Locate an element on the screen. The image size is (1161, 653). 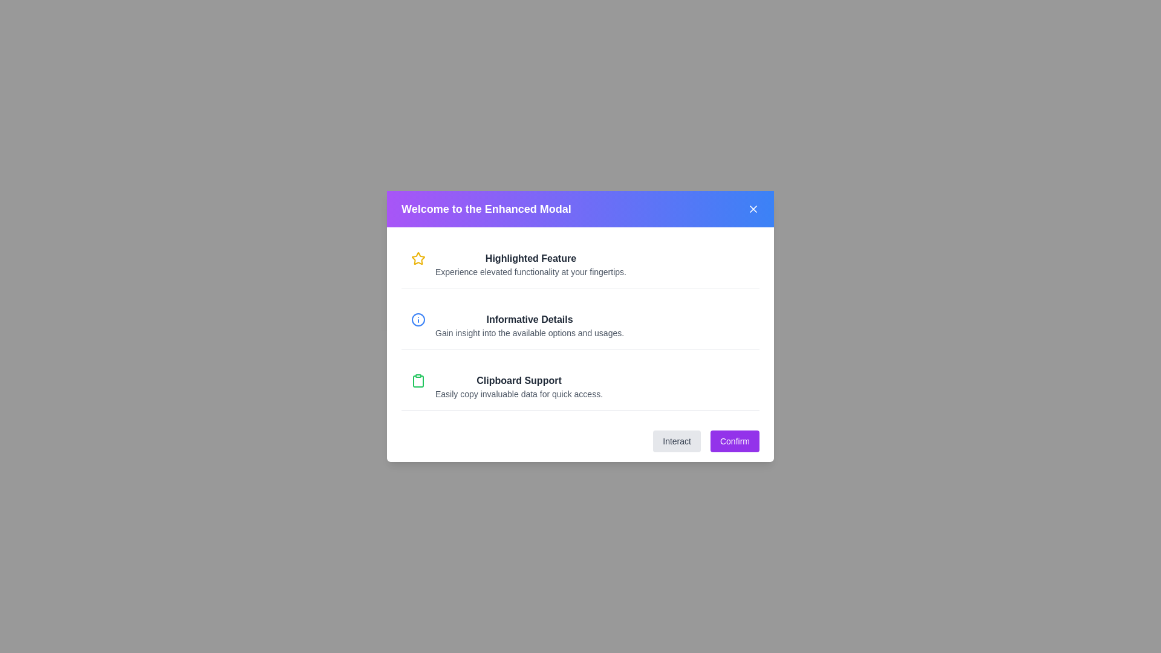
the Informational block that displays the title and brief description of a highlighted feature, located directly below the modal header is located at coordinates (580, 264).